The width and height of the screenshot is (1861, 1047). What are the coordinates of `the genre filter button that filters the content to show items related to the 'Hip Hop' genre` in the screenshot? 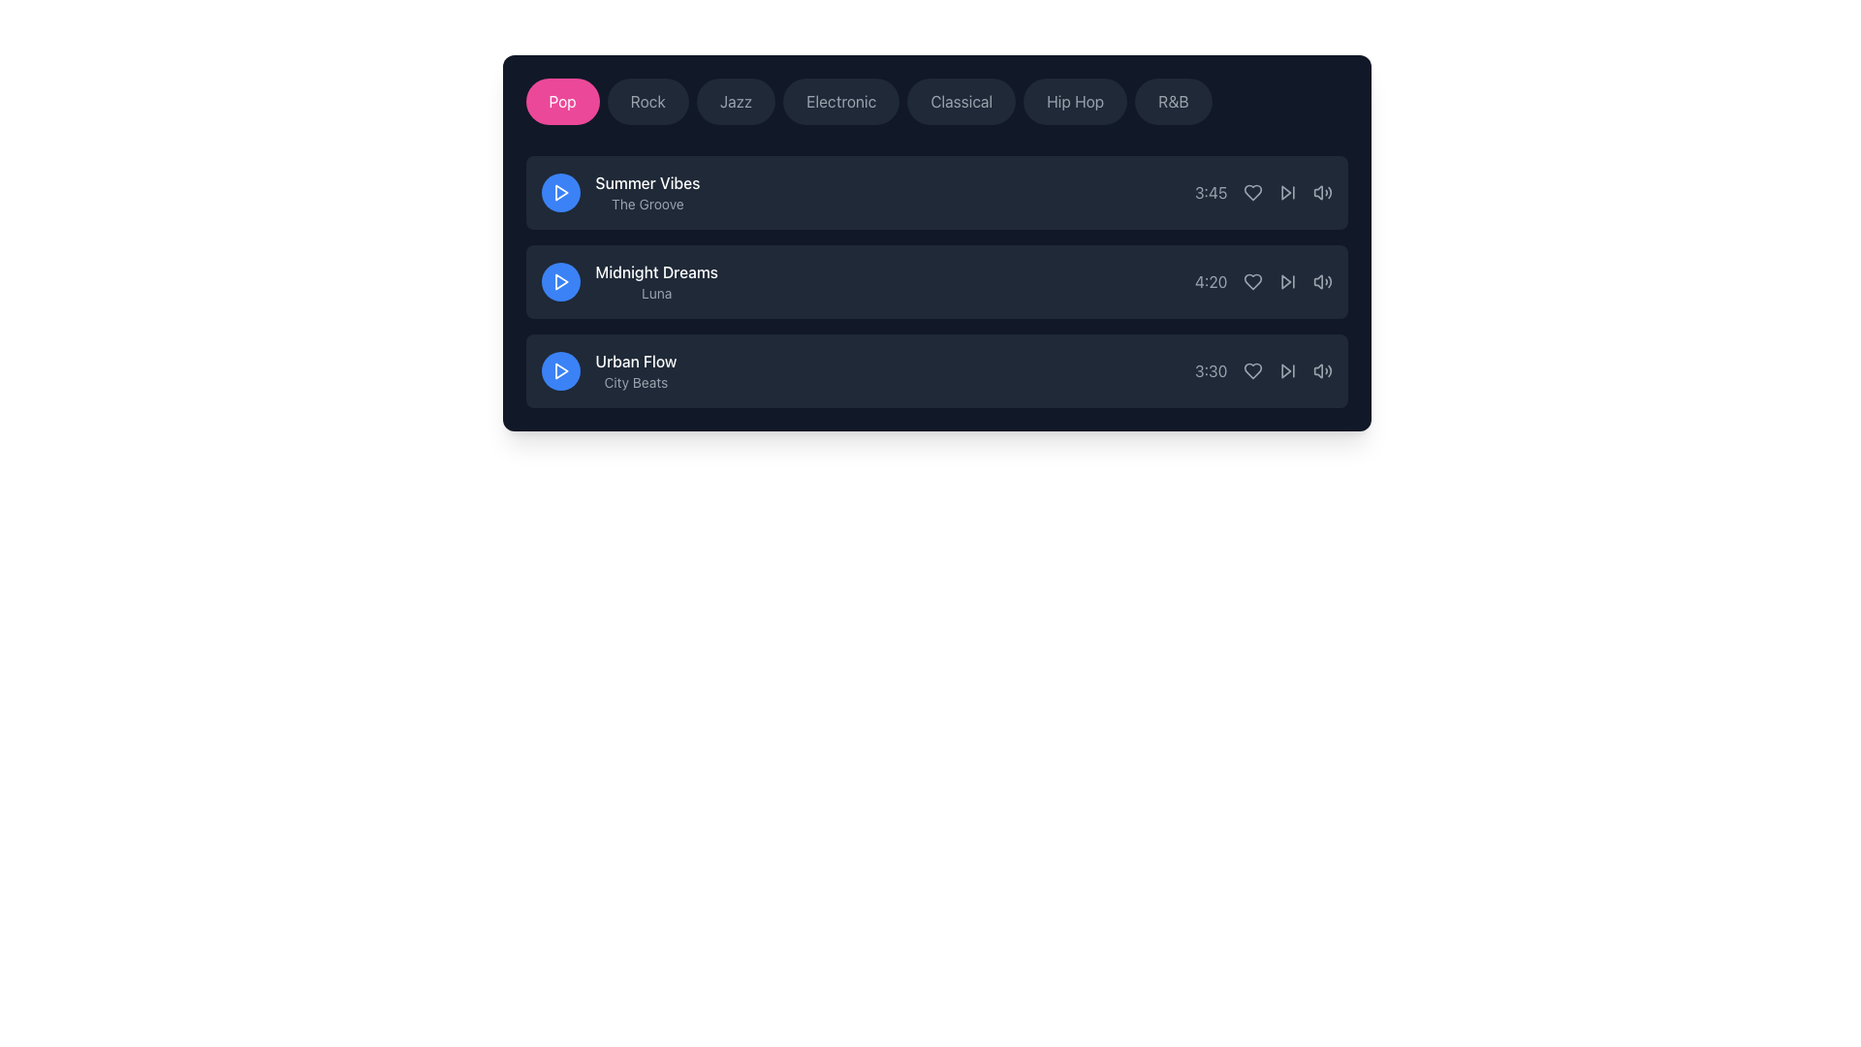 It's located at (1074, 101).